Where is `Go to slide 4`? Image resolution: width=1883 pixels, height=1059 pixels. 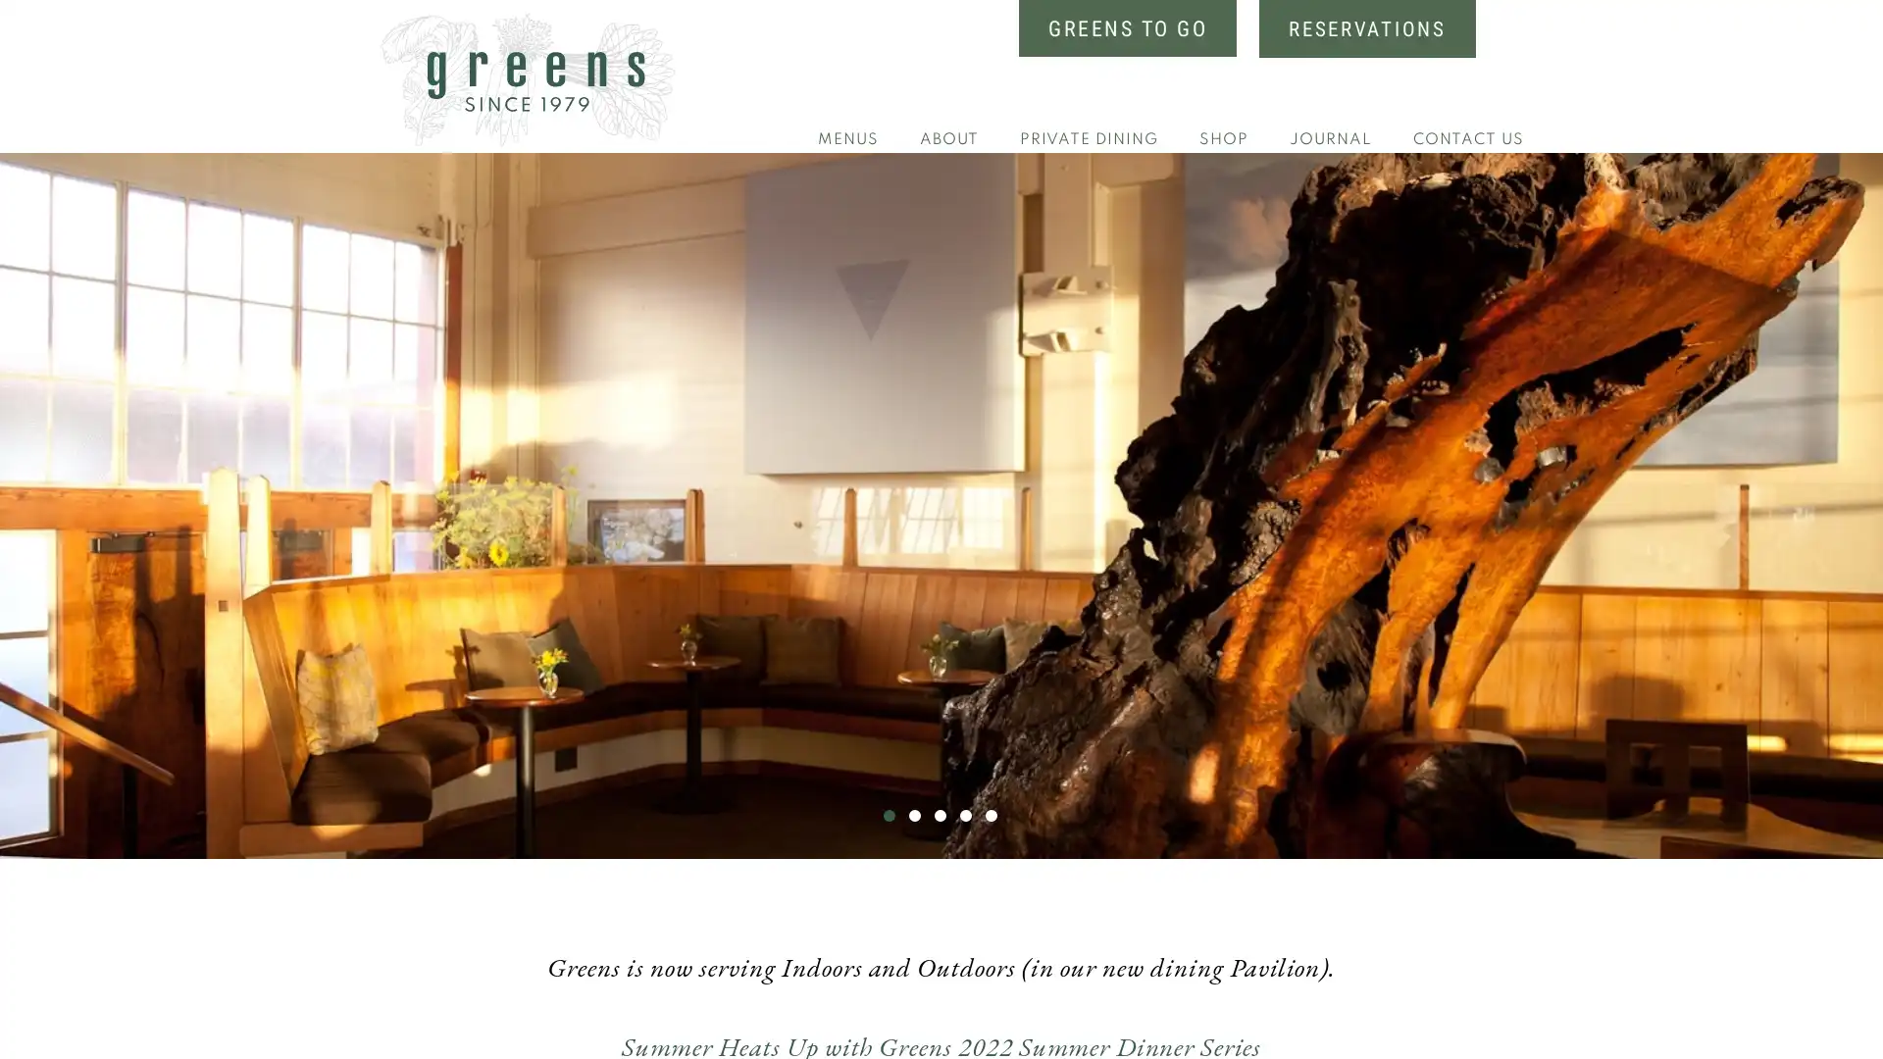 Go to slide 4 is located at coordinates (965, 814).